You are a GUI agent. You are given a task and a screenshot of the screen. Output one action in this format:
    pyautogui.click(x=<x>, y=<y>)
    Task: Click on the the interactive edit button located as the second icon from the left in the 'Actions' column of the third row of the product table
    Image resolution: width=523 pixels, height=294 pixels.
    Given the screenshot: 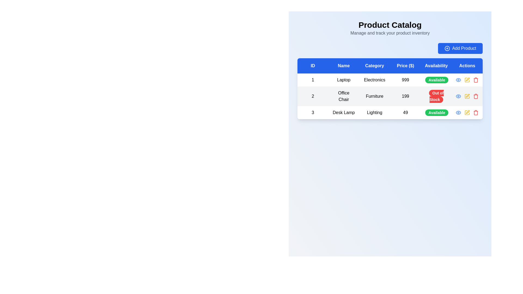 What is the action you would take?
    pyautogui.click(x=467, y=112)
    